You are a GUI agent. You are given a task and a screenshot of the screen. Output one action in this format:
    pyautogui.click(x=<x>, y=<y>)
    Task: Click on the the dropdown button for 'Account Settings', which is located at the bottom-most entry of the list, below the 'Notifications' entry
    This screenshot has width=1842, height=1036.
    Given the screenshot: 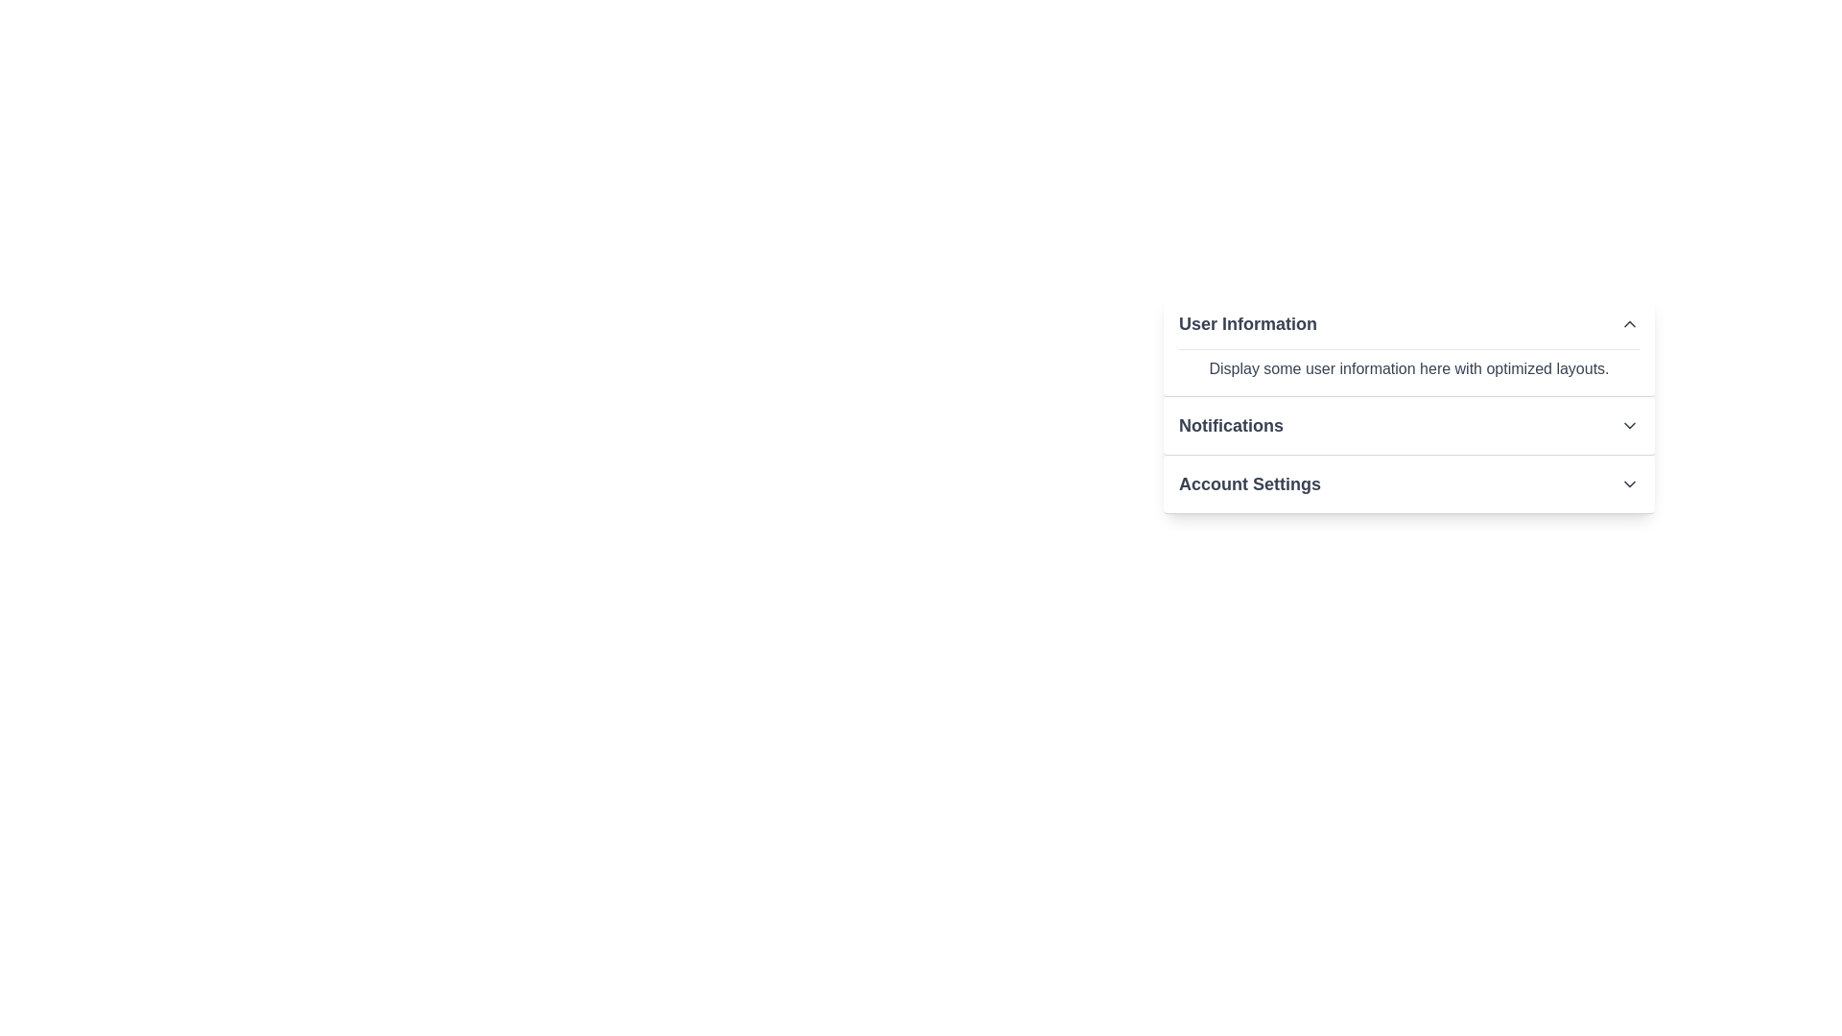 What is the action you would take?
    pyautogui.click(x=1408, y=483)
    